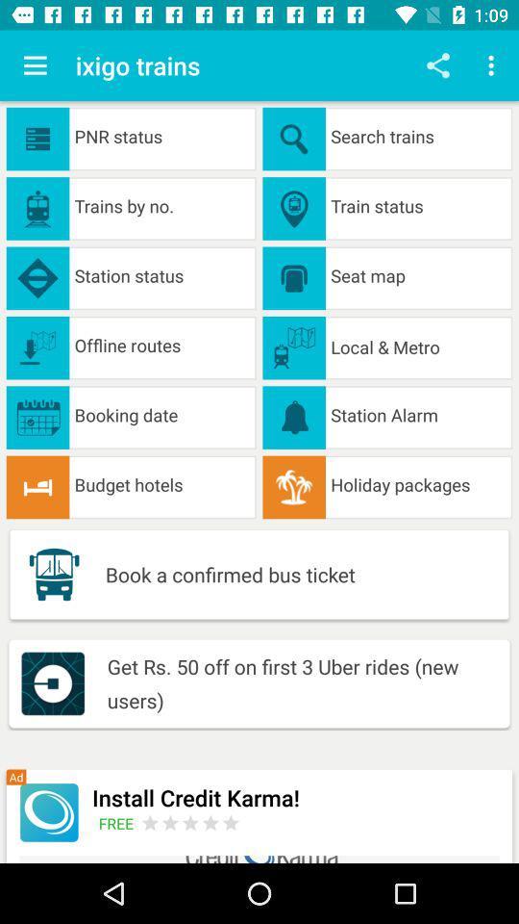  Describe the element at coordinates (493, 65) in the screenshot. I see `item above the search trains` at that location.